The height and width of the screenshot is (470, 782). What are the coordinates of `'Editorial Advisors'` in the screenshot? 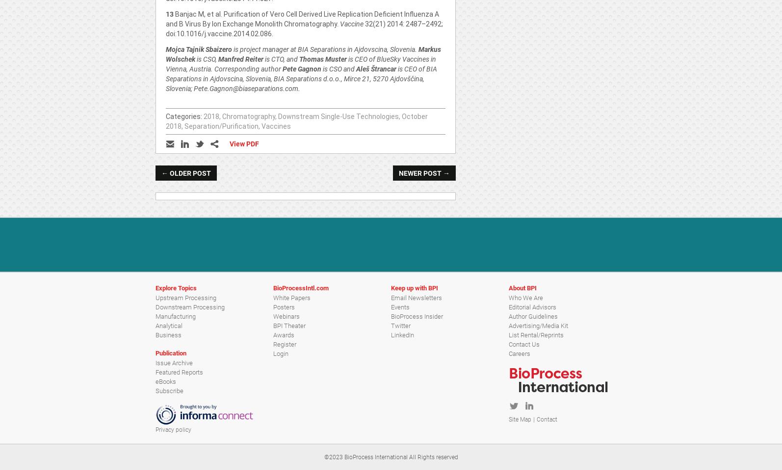 It's located at (532, 306).